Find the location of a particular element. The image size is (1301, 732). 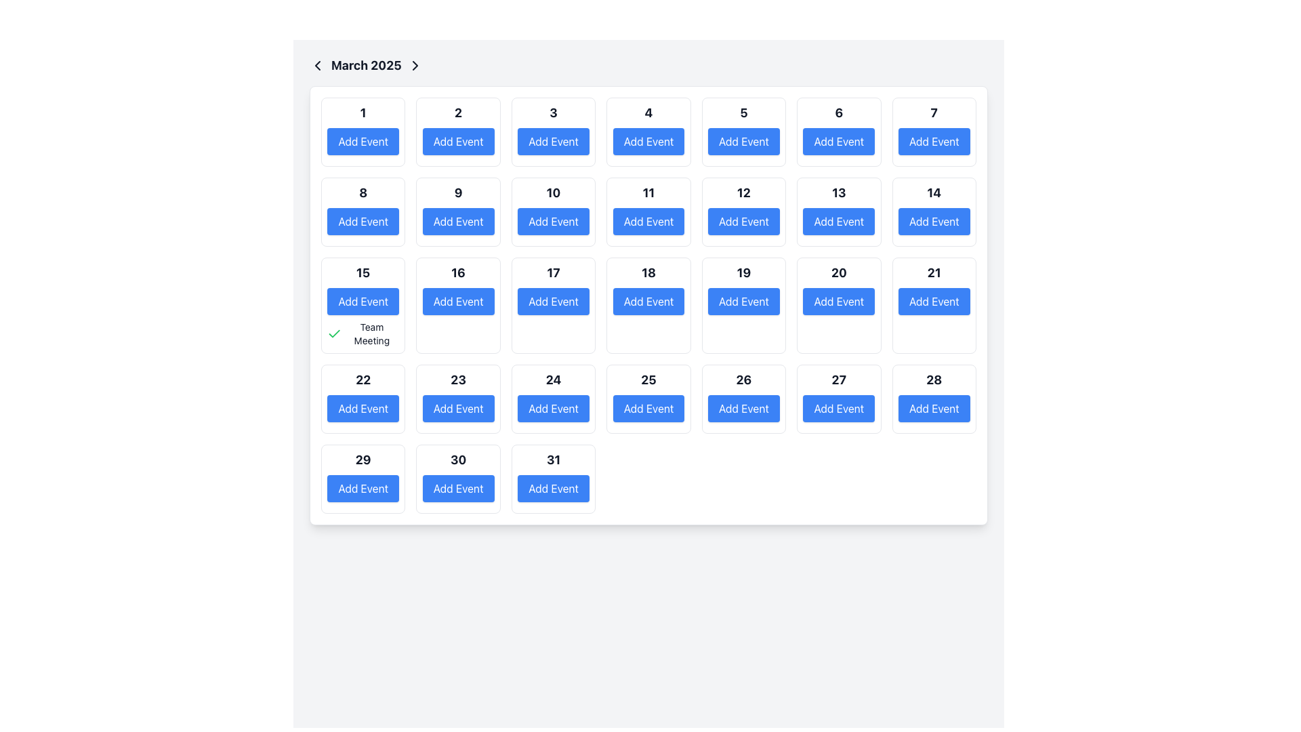

the 'Add Event' button in the Calendar cell representing the date 6th to schedule an event is located at coordinates (838, 132).